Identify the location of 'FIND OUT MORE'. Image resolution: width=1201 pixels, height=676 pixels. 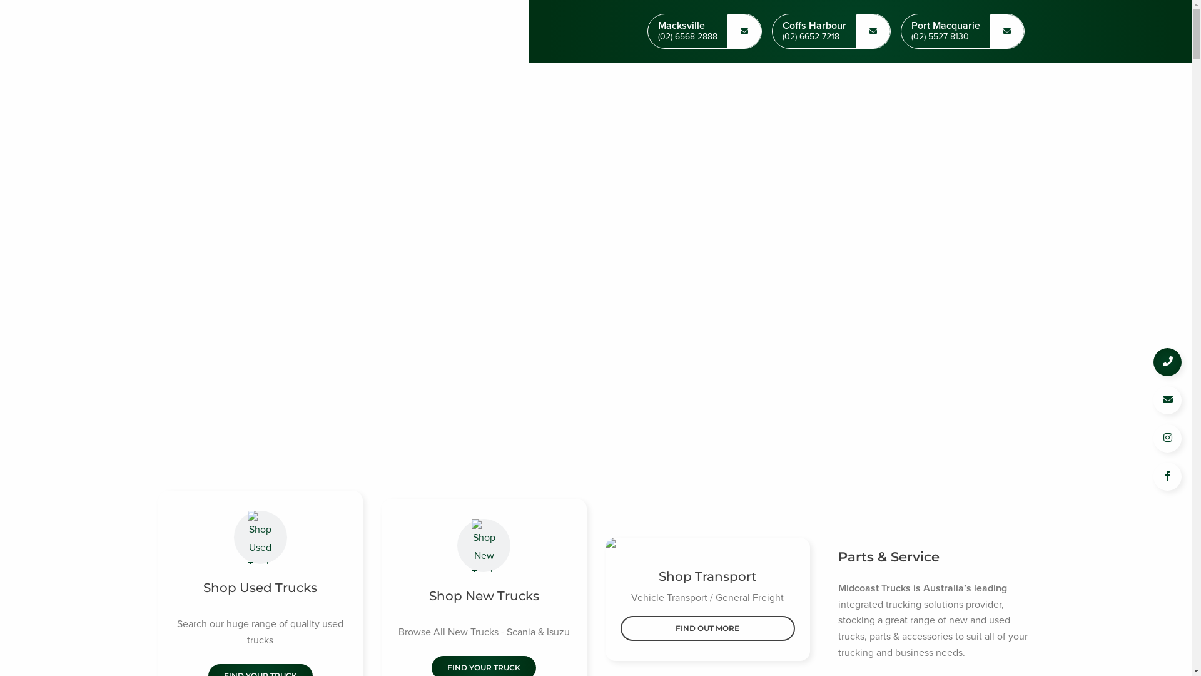
(708, 628).